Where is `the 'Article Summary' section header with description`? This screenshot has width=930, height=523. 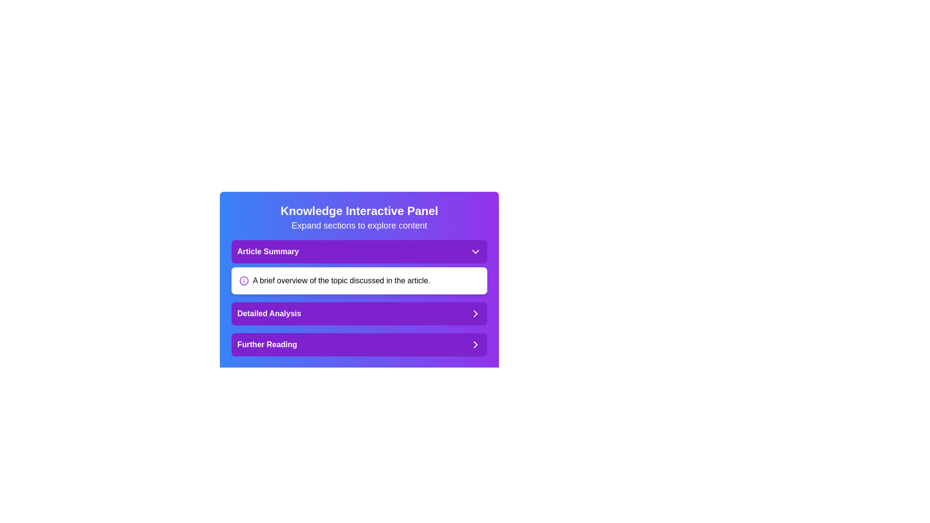 the 'Article Summary' section header with description is located at coordinates (359, 265).